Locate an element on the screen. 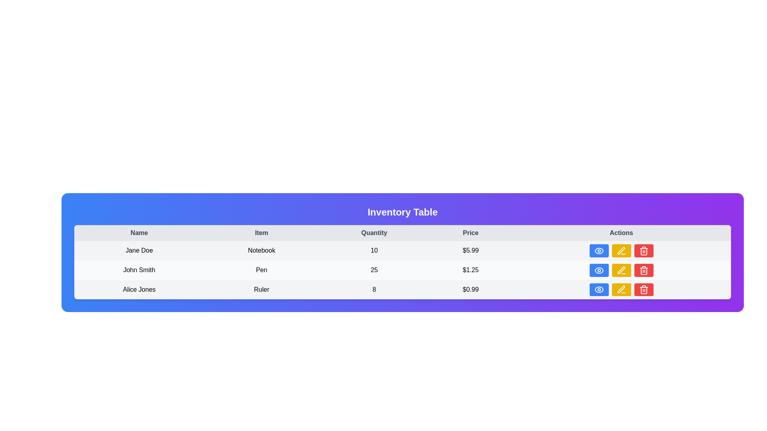 The width and height of the screenshot is (767, 431). the static text label displaying '$1.25' in the Price column of the inventory table for 'John Smith' is located at coordinates (471, 270).